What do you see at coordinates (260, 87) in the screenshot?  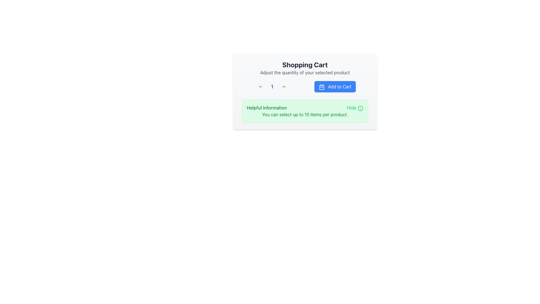 I see `the button that decreases the numeric value, which is positioned to the left of the numeric value '1'` at bounding box center [260, 87].